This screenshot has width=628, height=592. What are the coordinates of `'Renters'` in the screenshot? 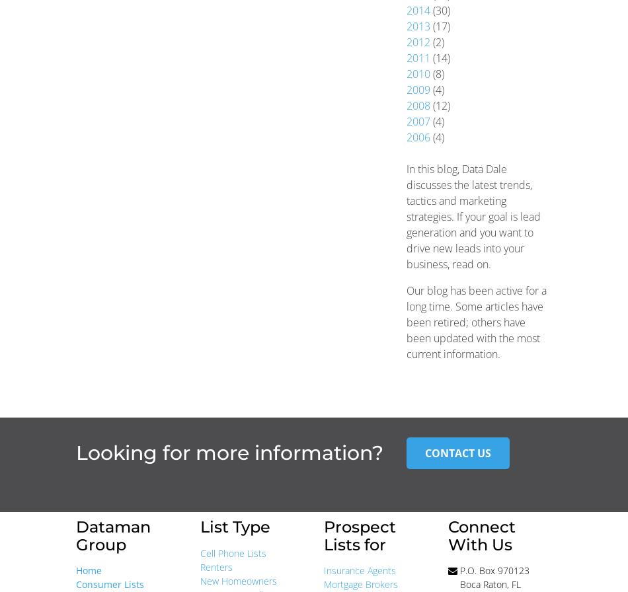 It's located at (215, 566).